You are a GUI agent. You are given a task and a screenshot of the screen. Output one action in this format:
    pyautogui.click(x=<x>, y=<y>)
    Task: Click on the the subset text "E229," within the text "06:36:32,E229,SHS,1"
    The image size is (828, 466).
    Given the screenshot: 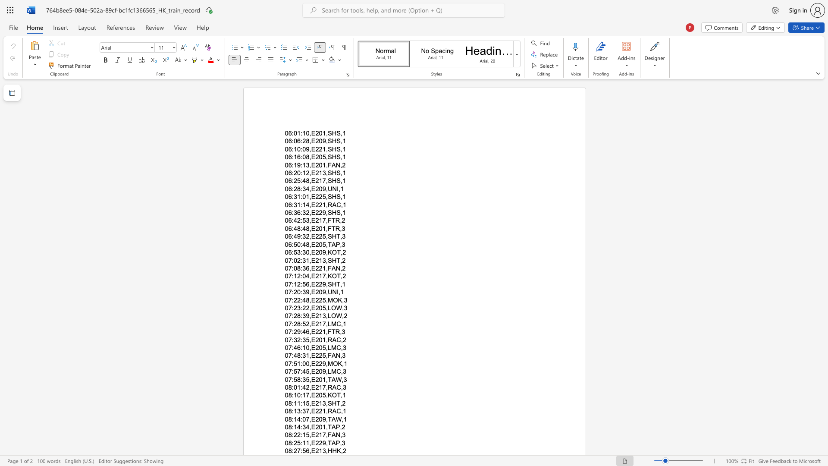 What is the action you would take?
    pyautogui.click(x=310, y=213)
    